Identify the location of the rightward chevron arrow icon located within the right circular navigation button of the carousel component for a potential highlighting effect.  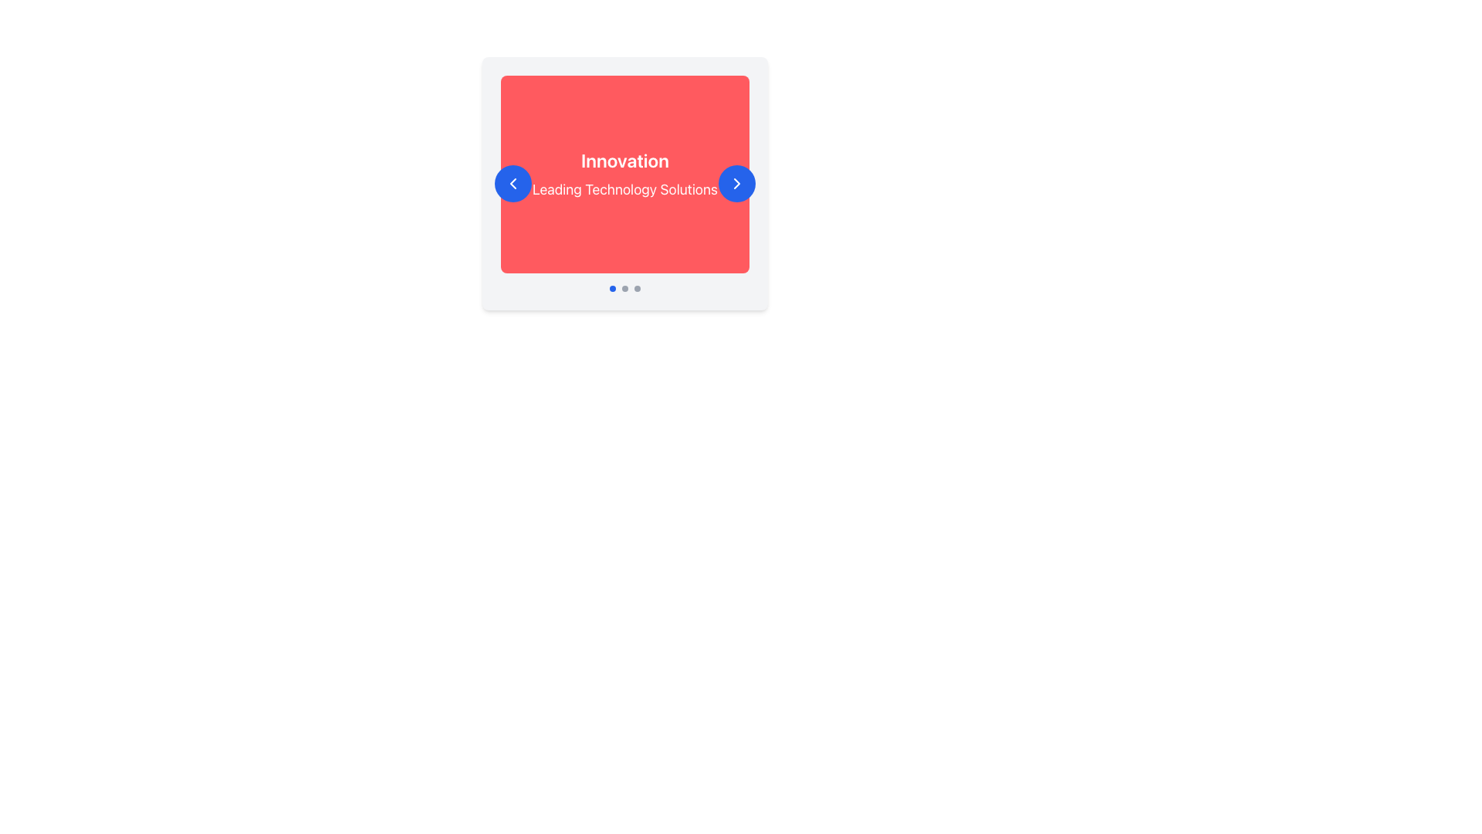
(736, 183).